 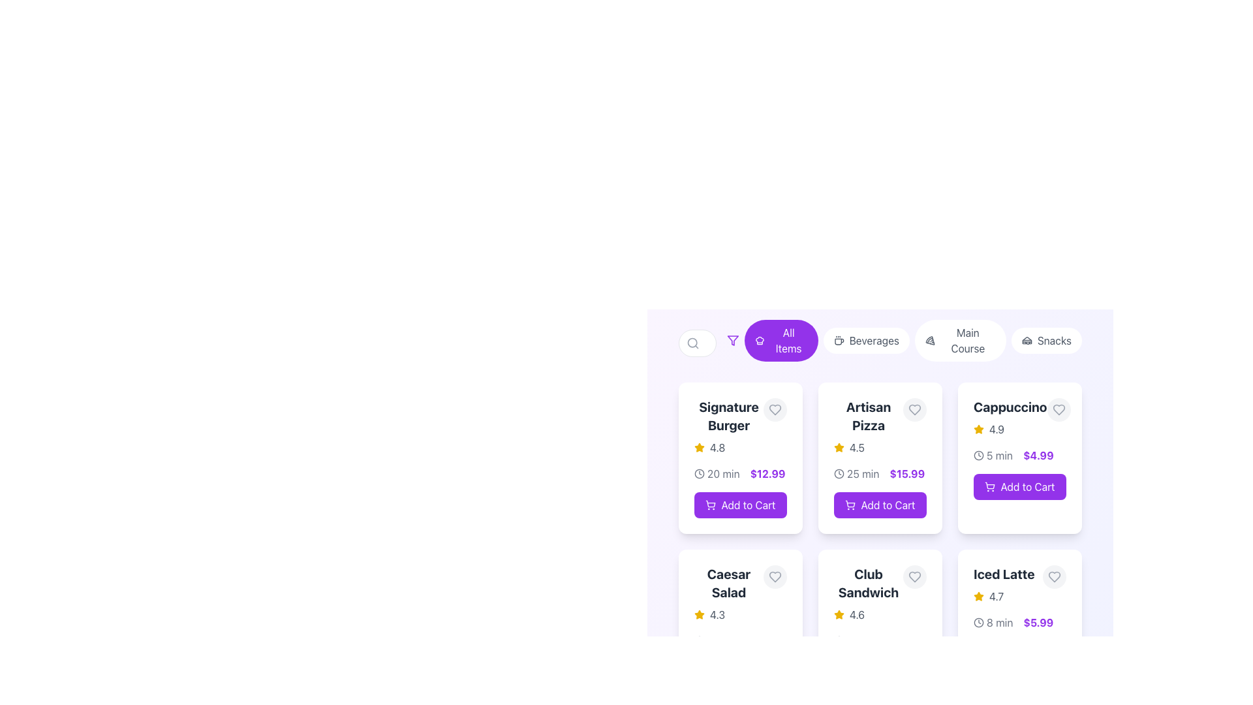 I want to click on the button located at the bottom of the 'Signature Burger' card, so click(x=740, y=505).